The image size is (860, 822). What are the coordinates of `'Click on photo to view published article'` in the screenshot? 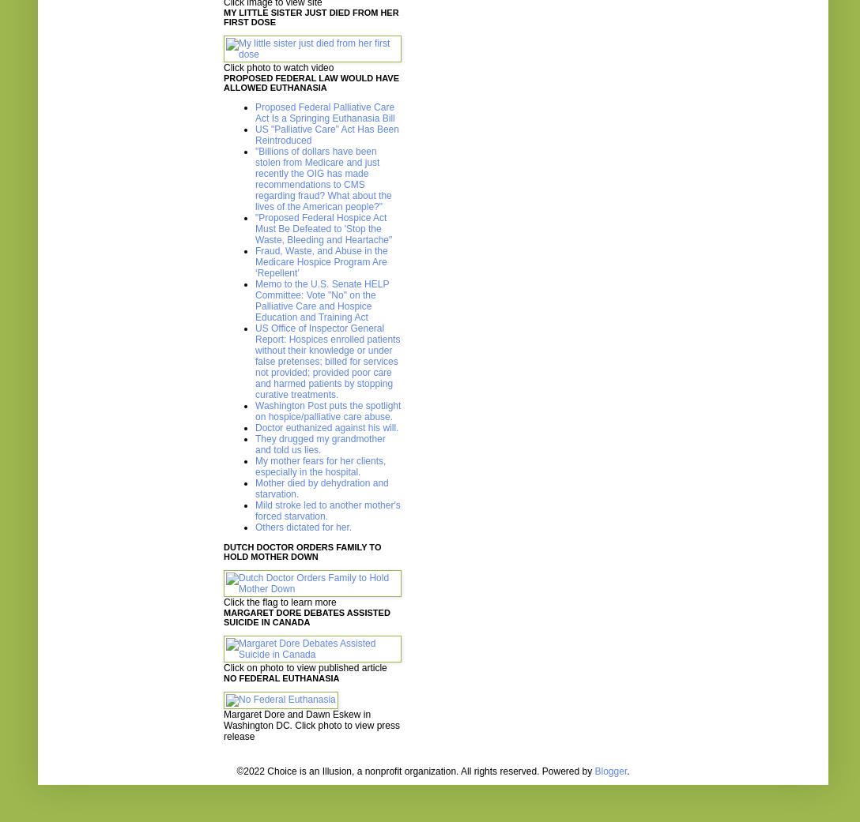 It's located at (305, 667).